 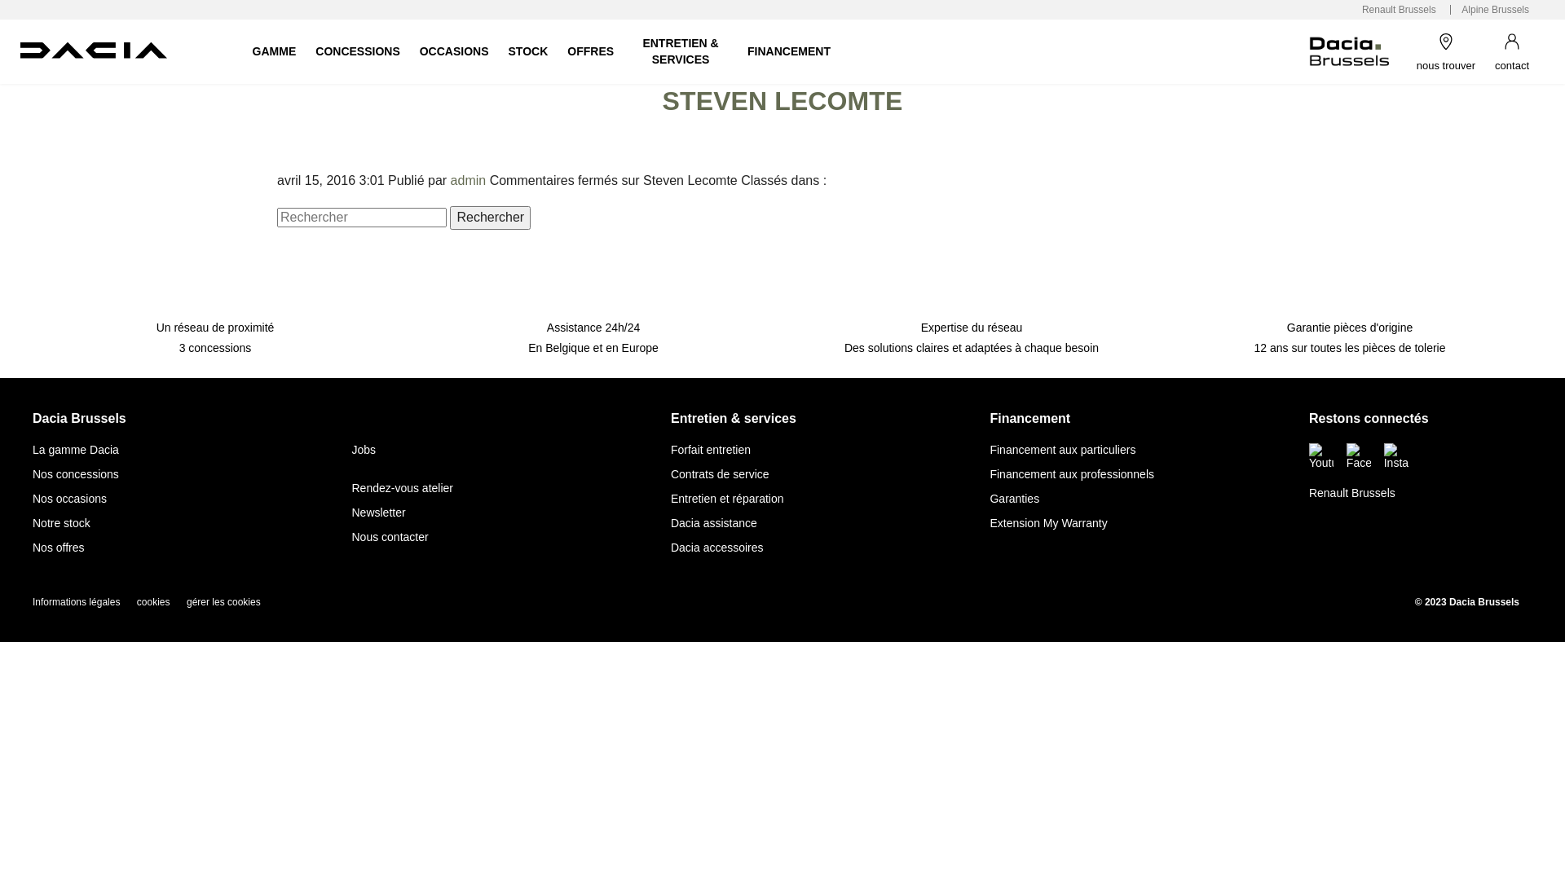 I want to click on 'Alpine Brussels', so click(x=1495, y=10).